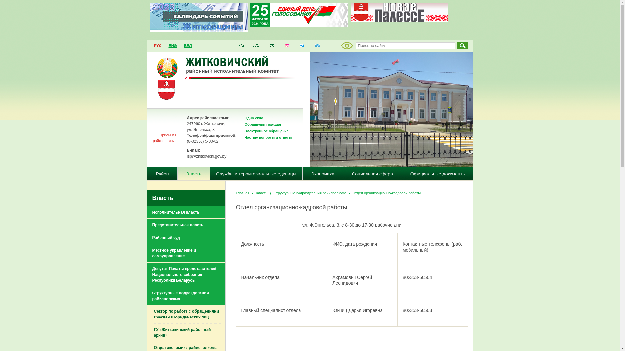 The image size is (625, 351). What do you see at coordinates (172, 45) in the screenshot?
I see `'ENG'` at bounding box center [172, 45].